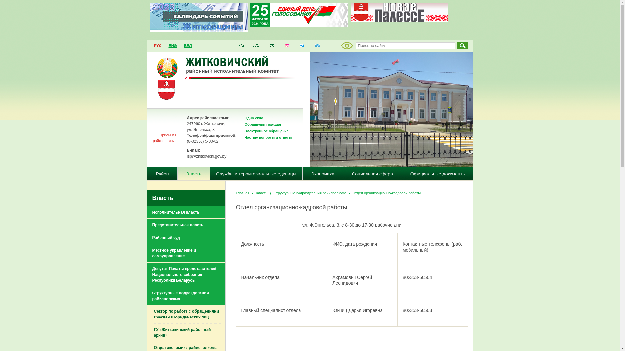 The image size is (625, 351). What do you see at coordinates (172, 45) in the screenshot?
I see `'ENG'` at bounding box center [172, 45].